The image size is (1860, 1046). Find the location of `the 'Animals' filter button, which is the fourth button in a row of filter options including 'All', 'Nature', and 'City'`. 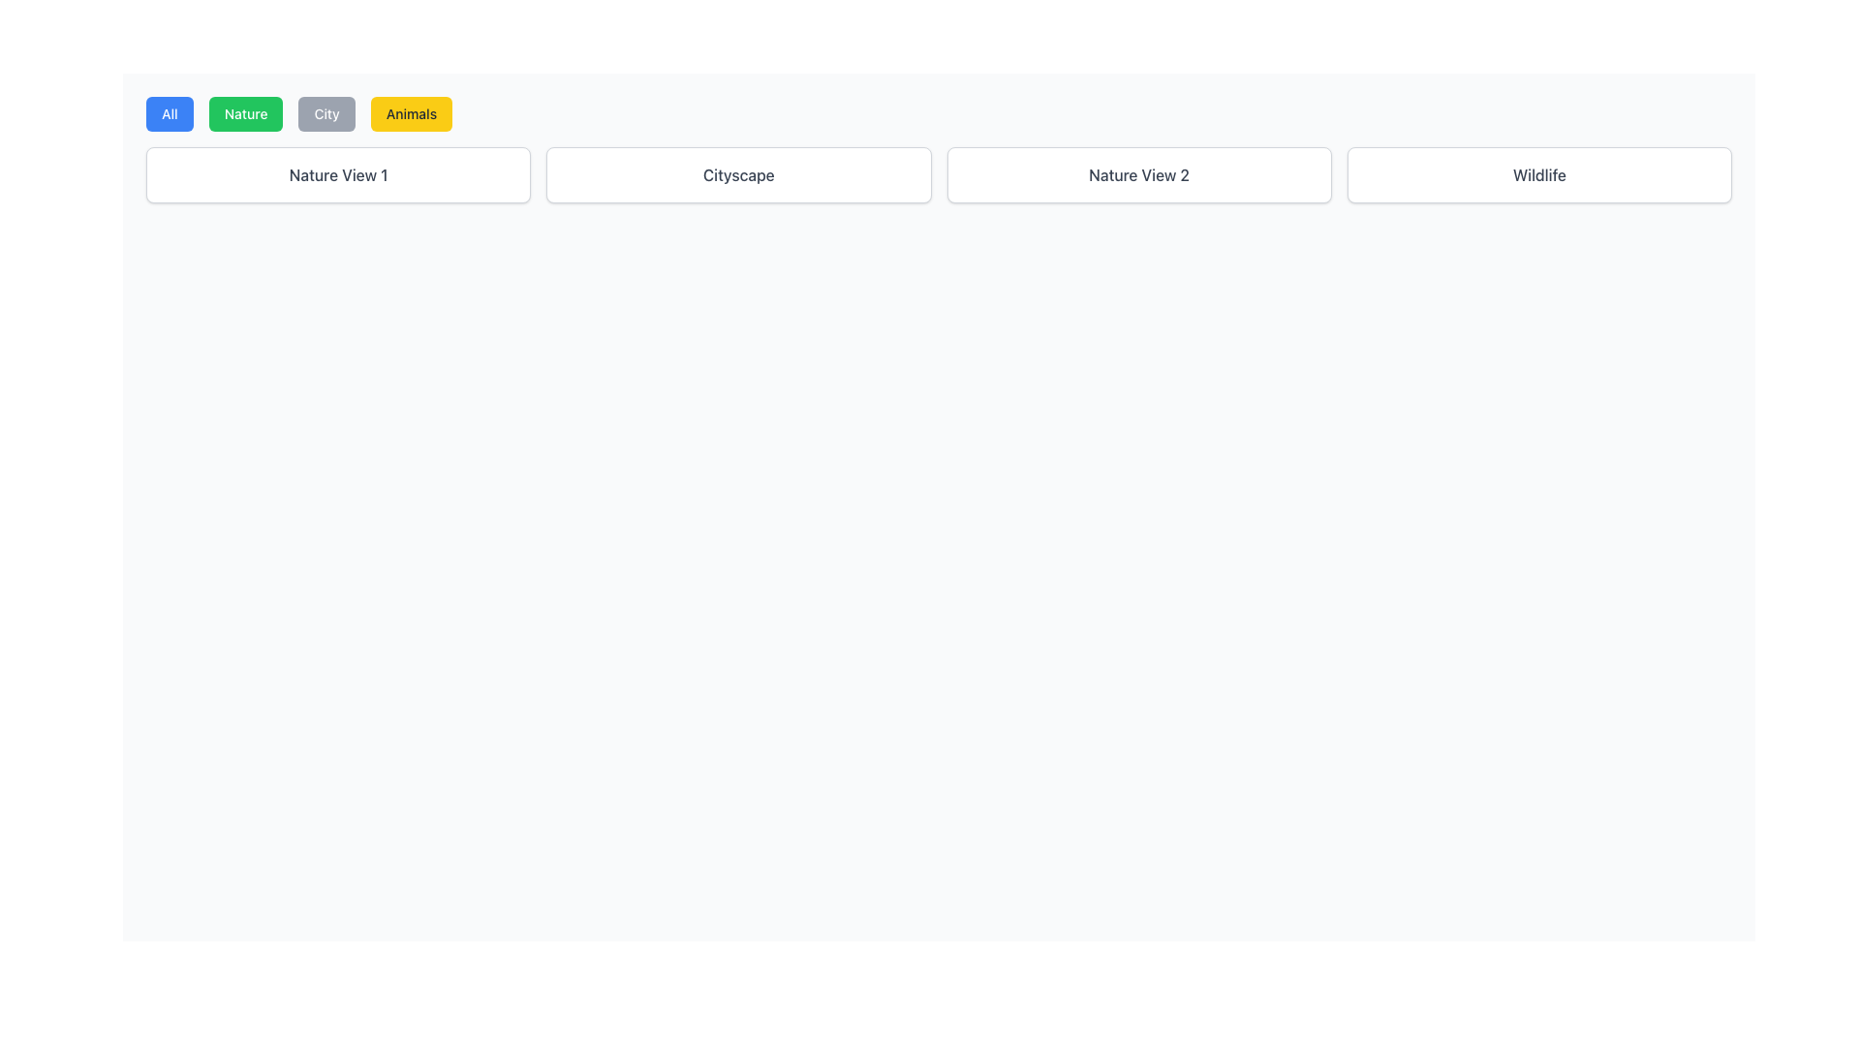

the 'Animals' filter button, which is the fourth button in a row of filter options including 'All', 'Nature', and 'City' is located at coordinates (410, 114).